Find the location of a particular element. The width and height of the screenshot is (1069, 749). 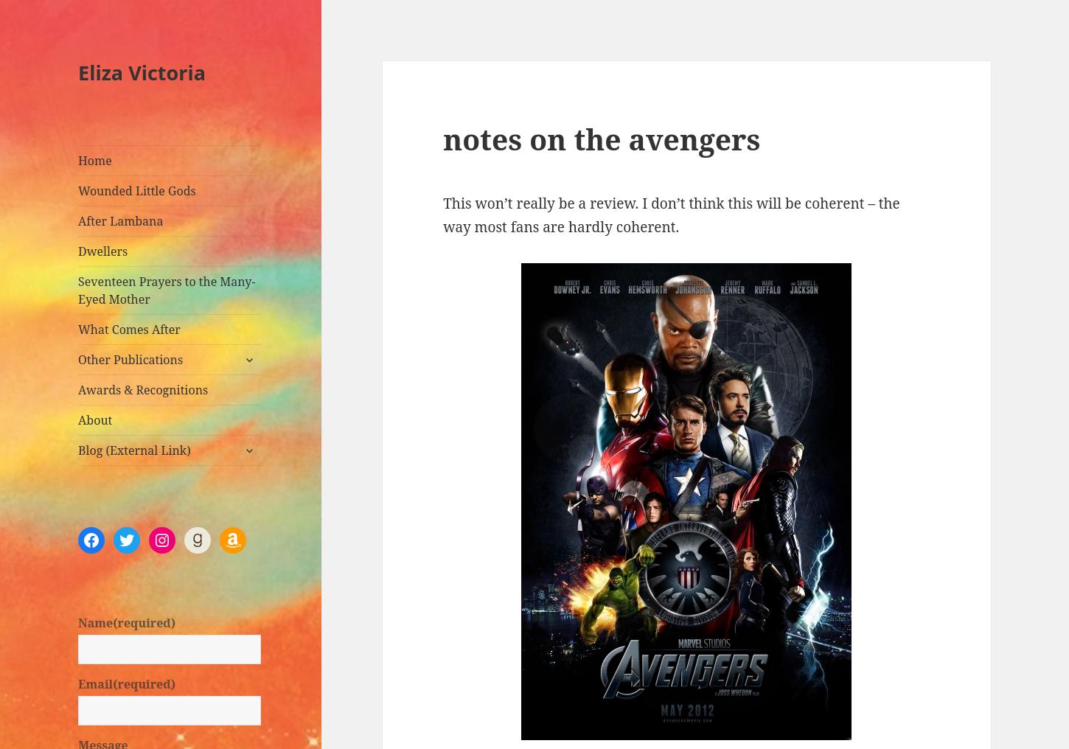

'Email' is located at coordinates (94, 683).